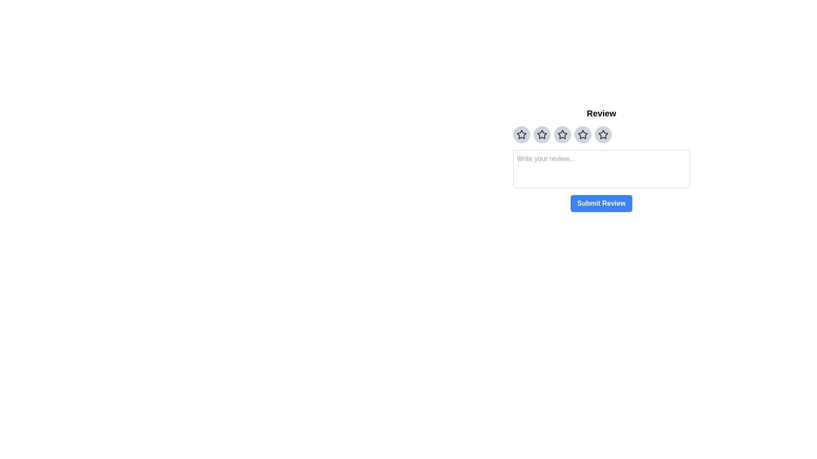 This screenshot has height=459, width=817. Describe the element at coordinates (601, 134) in the screenshot. I see `the fifth star rating button below the 'Review' heading using keyboard focus` at that location.